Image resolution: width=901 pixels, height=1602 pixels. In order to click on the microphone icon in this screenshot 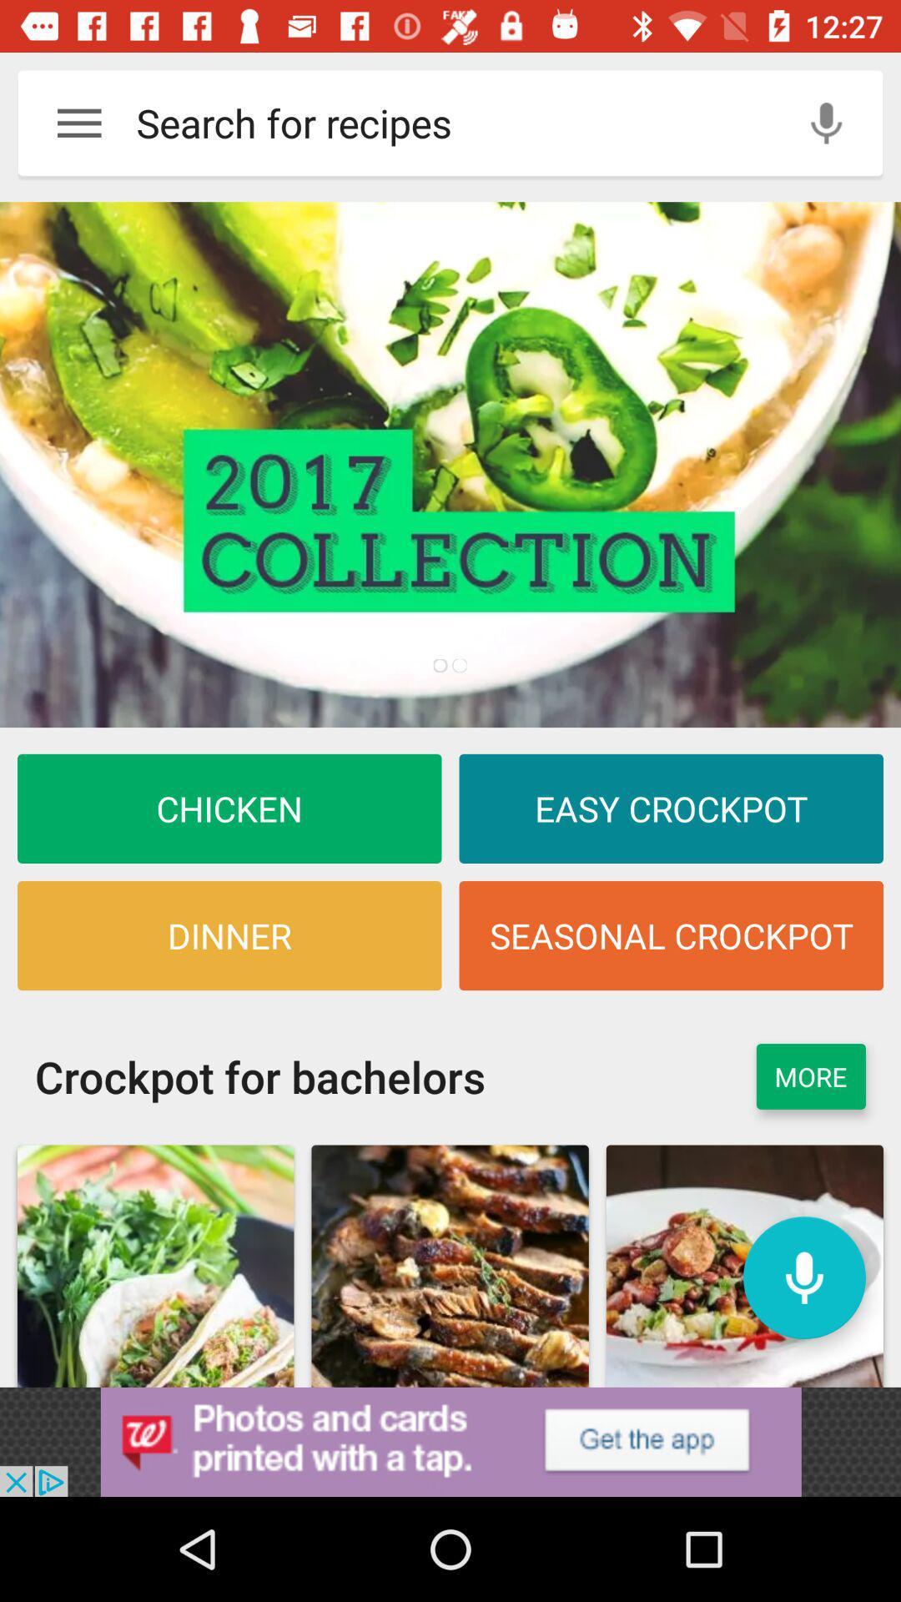, I will do `click(803, 1277)`.